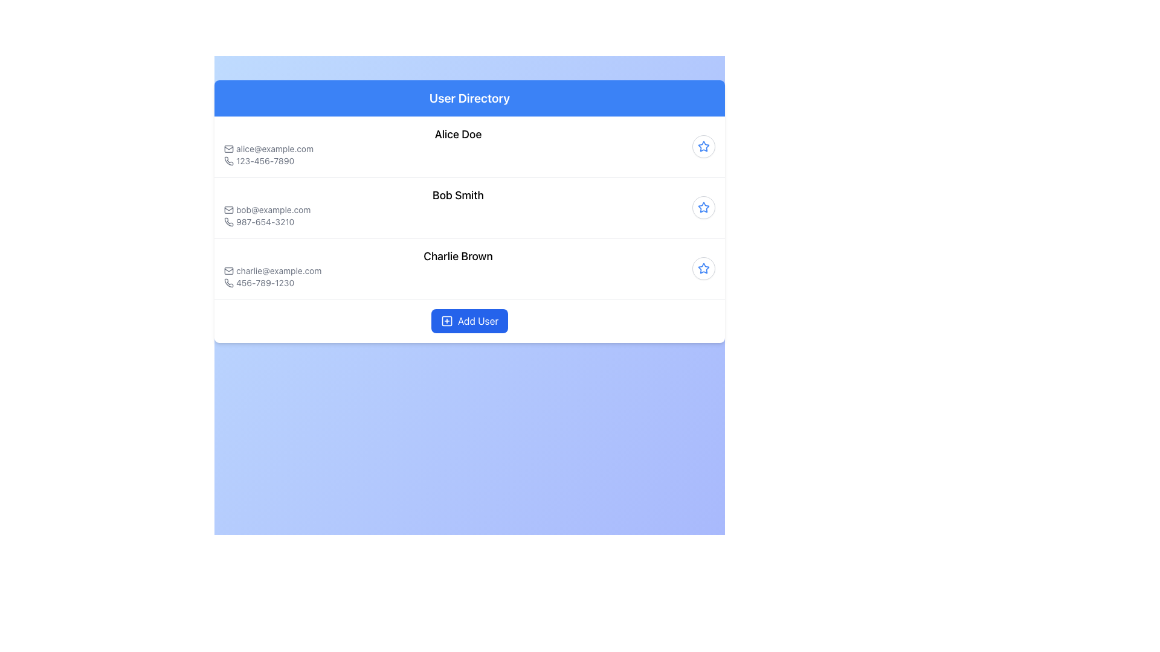  What do you see at coordinates (229, 222) in the screenshot?
I see `the phone icon located in the second row of the user directory interface, immediately to the left of the phone number '987-654-3210'` at bounding box center [229, 222].